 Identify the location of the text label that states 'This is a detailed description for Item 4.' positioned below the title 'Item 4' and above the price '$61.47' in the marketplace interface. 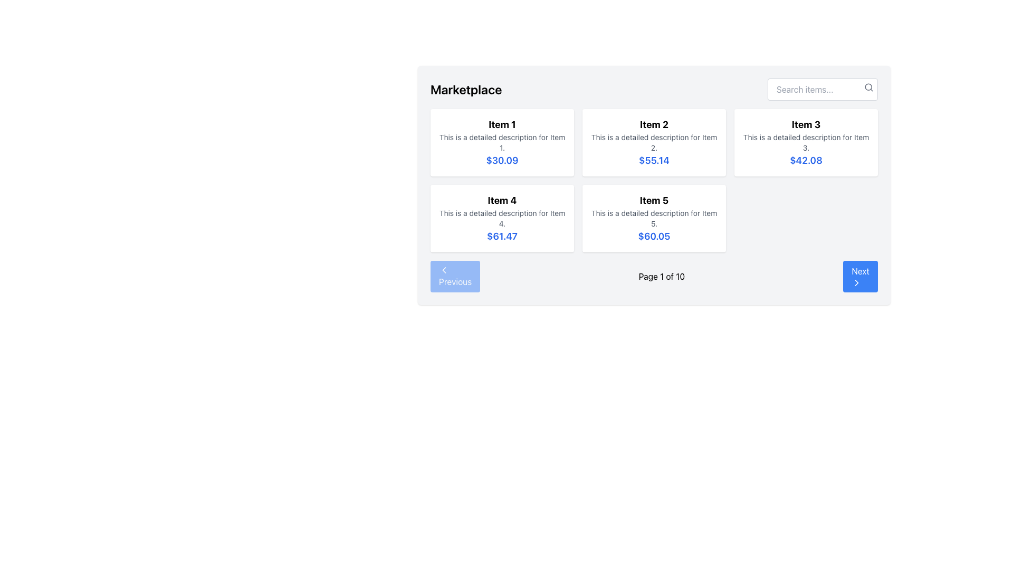
(501, 218).